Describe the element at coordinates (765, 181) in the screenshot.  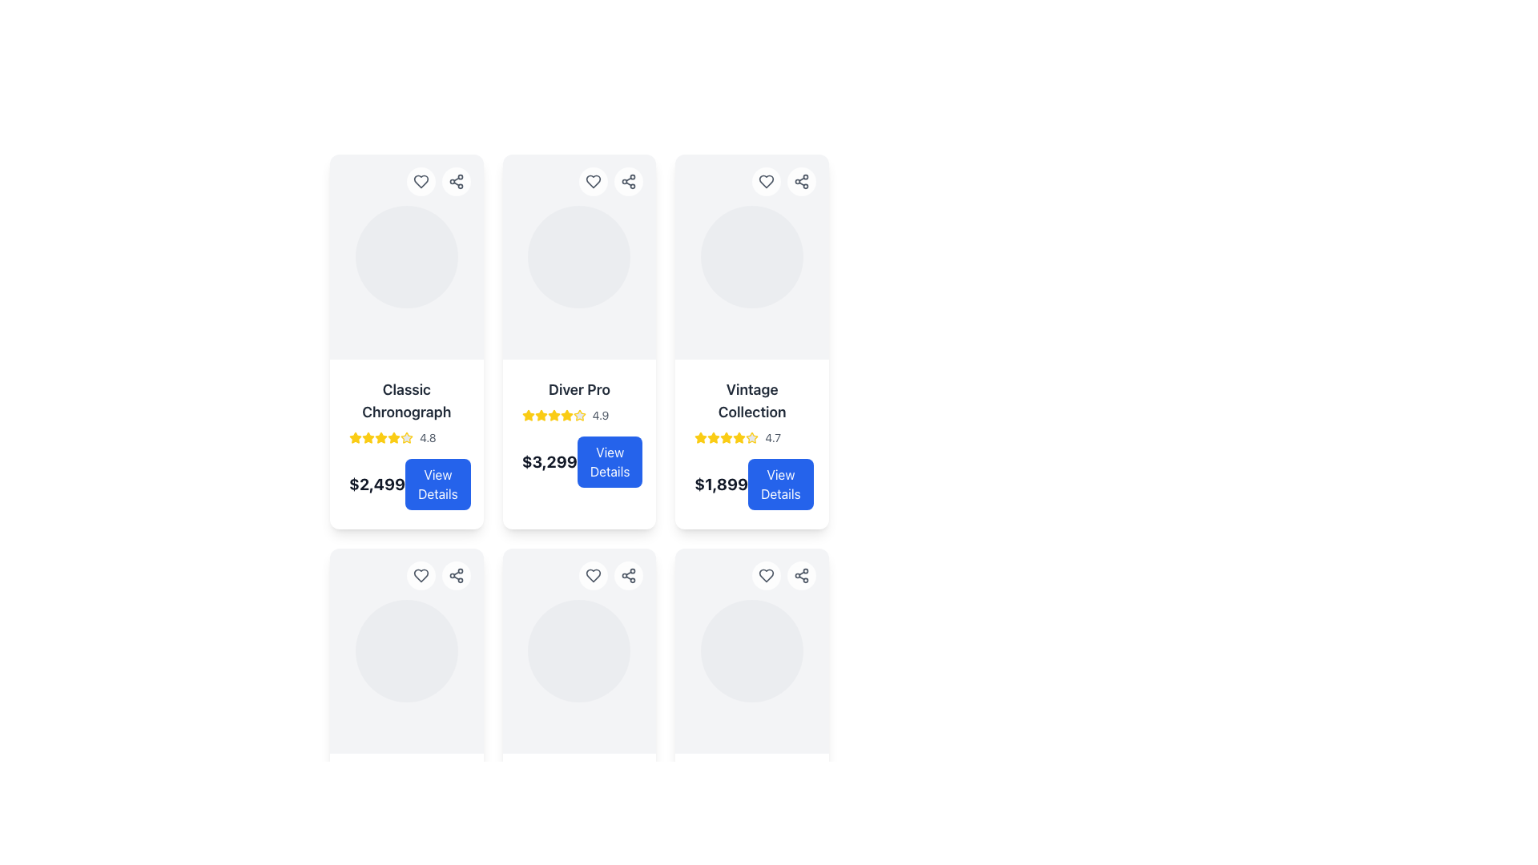
I see `the heart icon located at the top-right corner of the third card in the grid to change its color from gray to red` at that location.